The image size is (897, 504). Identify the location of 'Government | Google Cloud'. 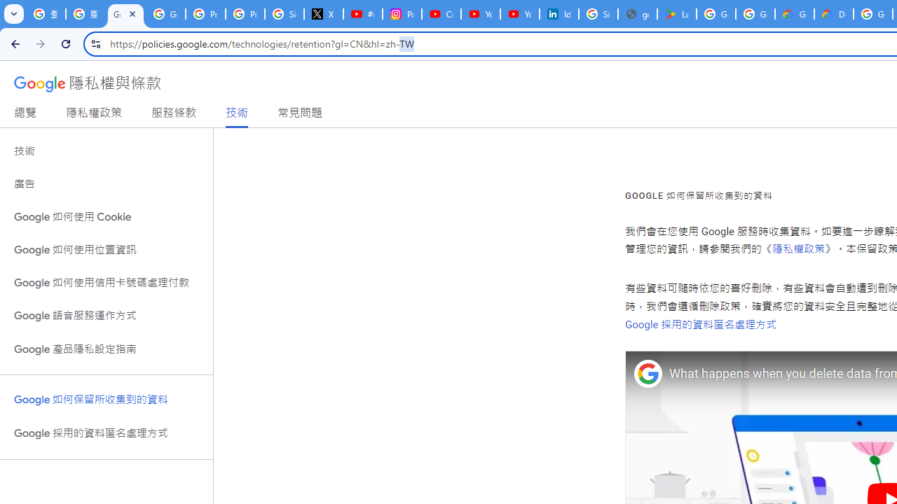
(795, 14).